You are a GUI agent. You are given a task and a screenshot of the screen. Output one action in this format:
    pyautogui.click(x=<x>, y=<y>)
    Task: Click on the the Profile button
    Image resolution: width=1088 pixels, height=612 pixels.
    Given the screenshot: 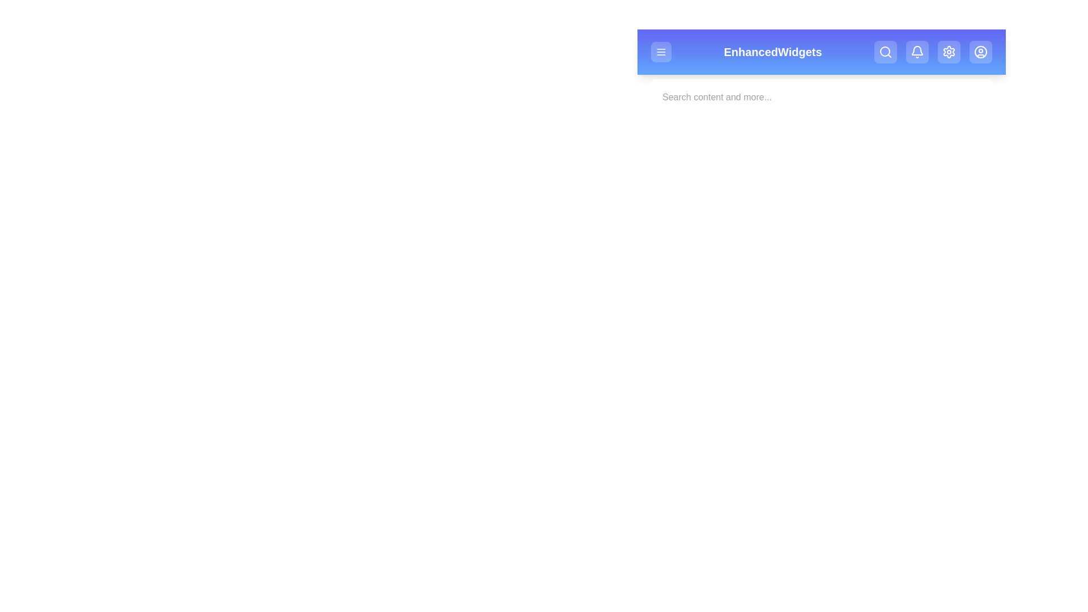 What is the action you would take?
    pyautogui.click(x=980, y=52)
    